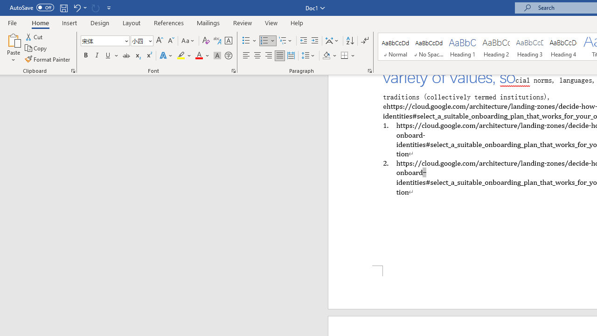 This screenshot has height=336, width=597. I want to click on 'Superscript', so click(148, 56).